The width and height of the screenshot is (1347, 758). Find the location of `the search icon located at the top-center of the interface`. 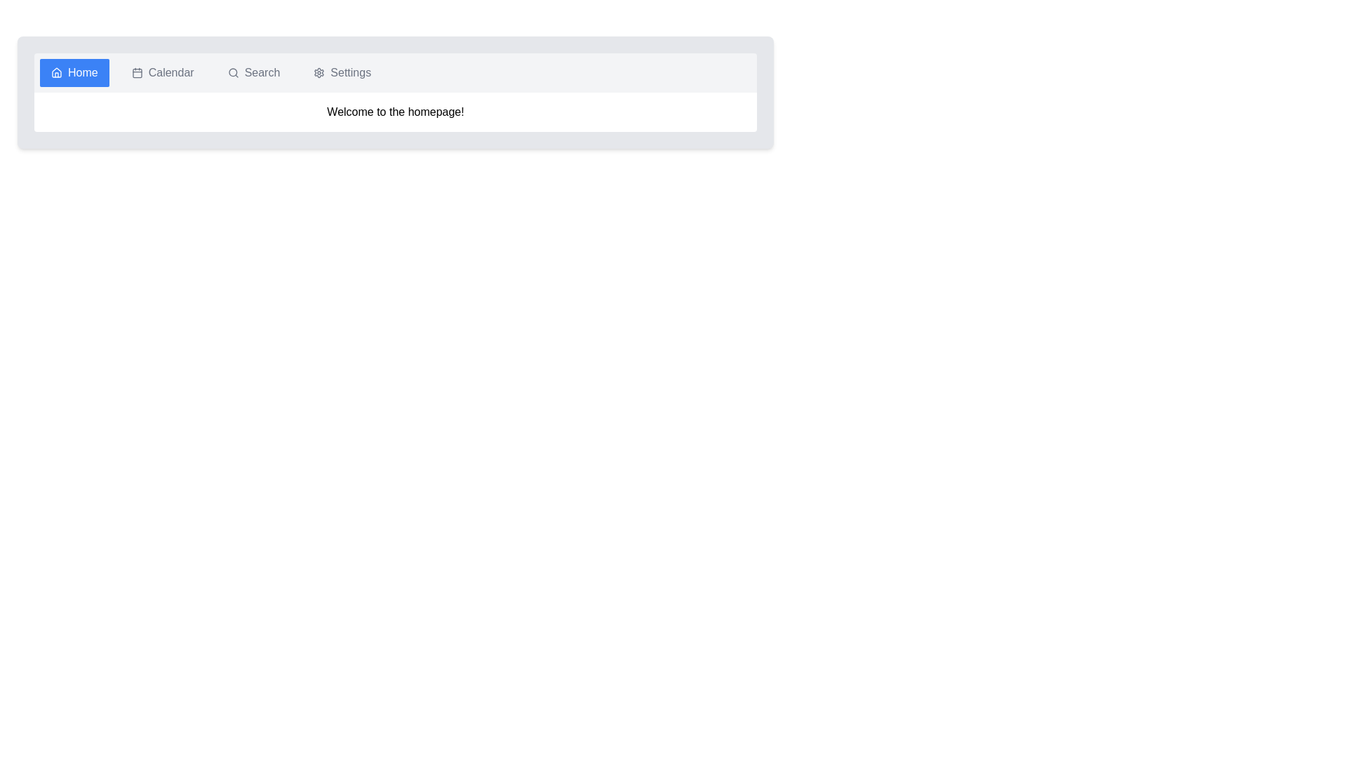

the search icon located at the top-center of the interface is located at coordinates (233, 73).